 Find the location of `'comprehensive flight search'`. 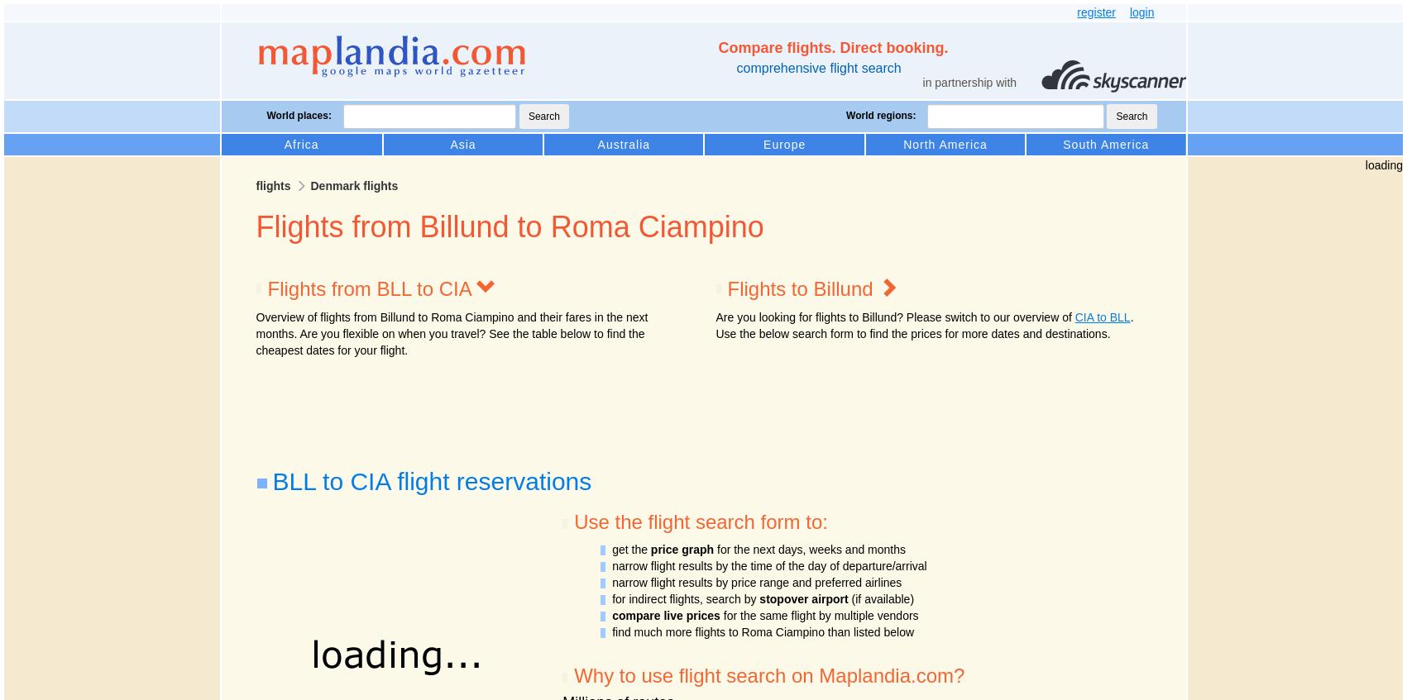

'comprehensive flight search' is located at coordinates (818, 67).